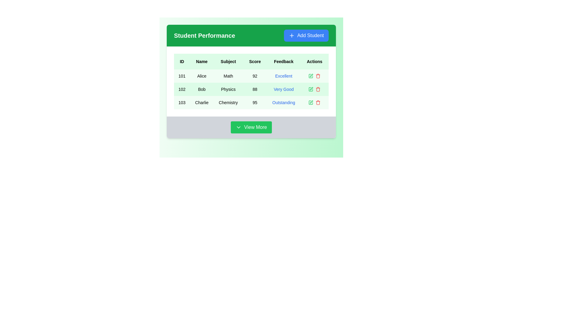 The width and height of the screenshot is (580, 326). I want to click on the green edit button in the 'Actions' column of the 'Student Performance' table for the record with ID '102' and Name 'Bob', so click(314, 89).